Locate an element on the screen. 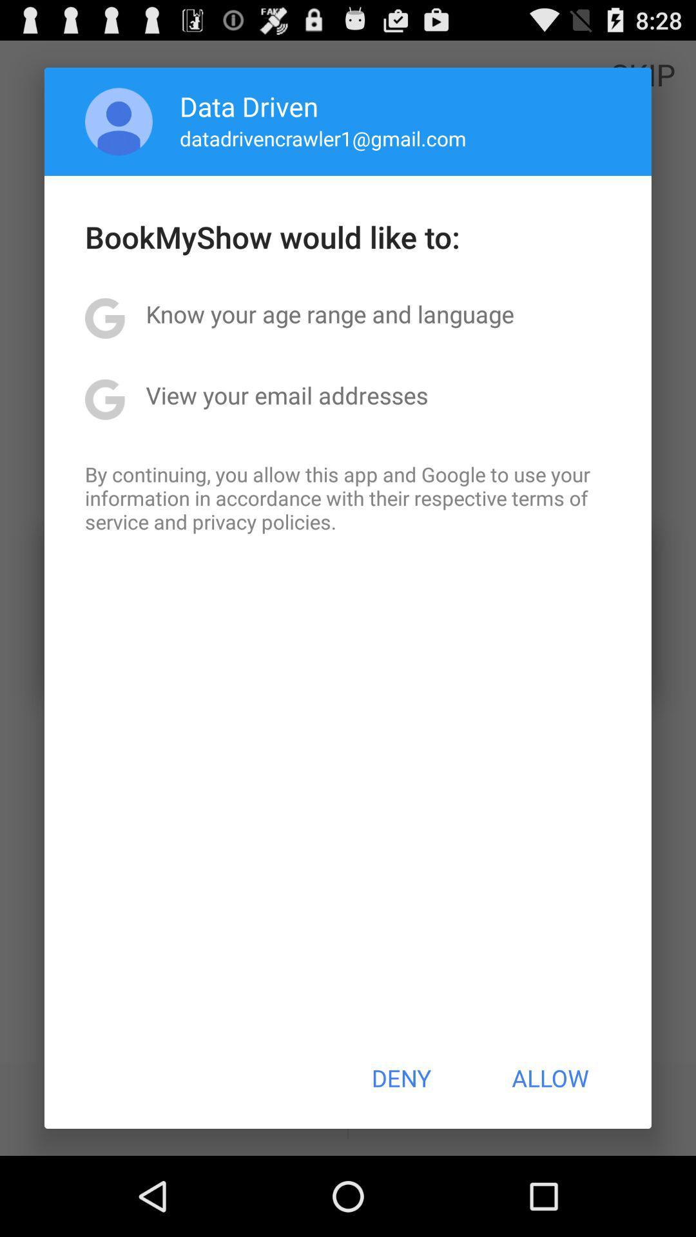 The image size is (696, 1237). app above bookmyshow would like app is located at coordinates (322, 138).